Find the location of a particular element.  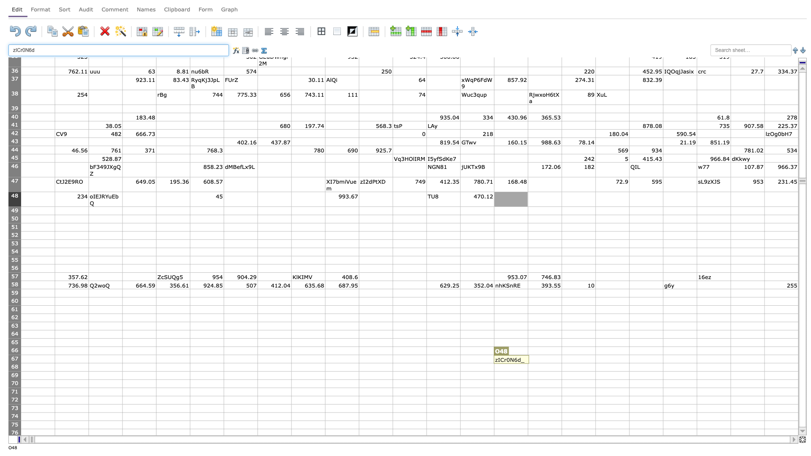

Place cursor on bottom right corner of U68 is located at coordinates (730, 371).